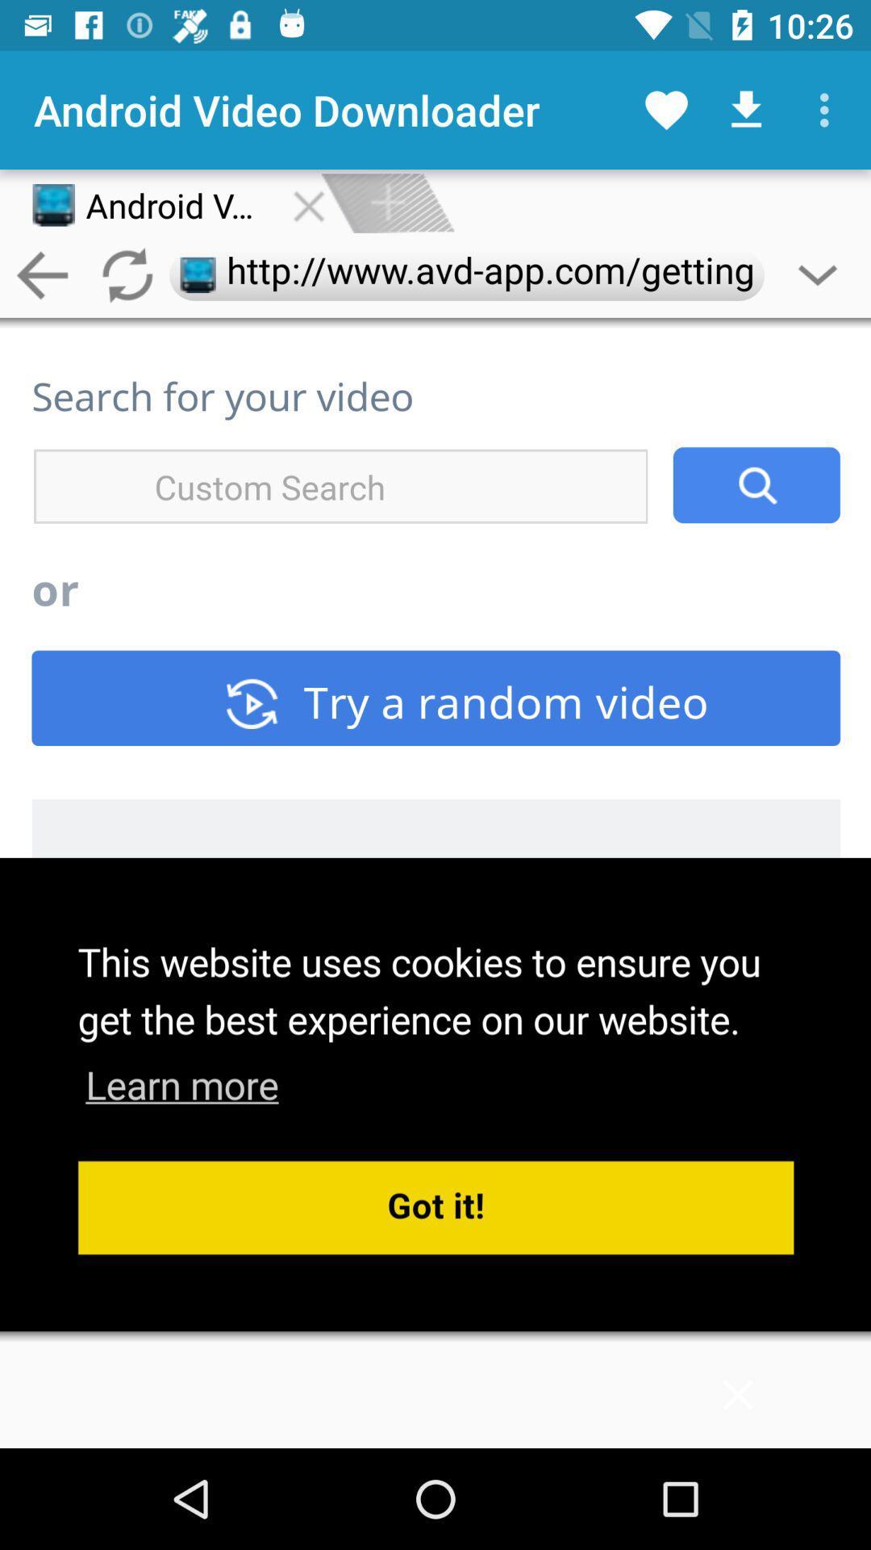 Image resolution: width=871 pixels, height=1550 pixels. I want to click on the close button, so click(308, 202).